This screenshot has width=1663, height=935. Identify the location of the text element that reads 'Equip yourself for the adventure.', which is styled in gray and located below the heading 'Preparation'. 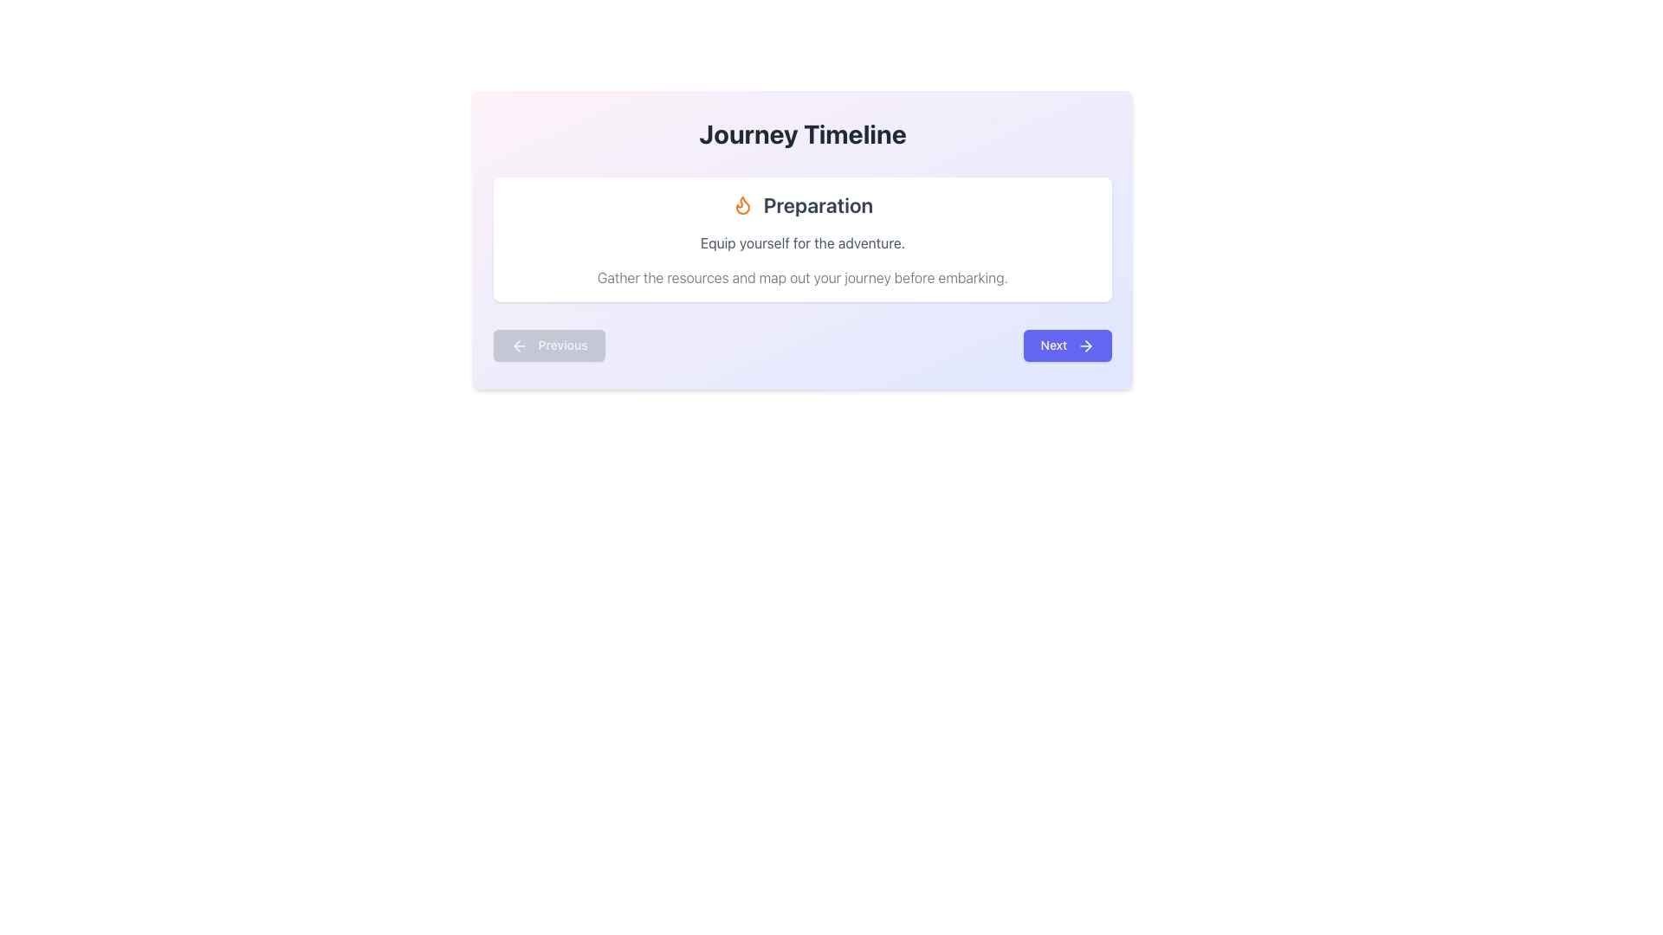
(801, 243).